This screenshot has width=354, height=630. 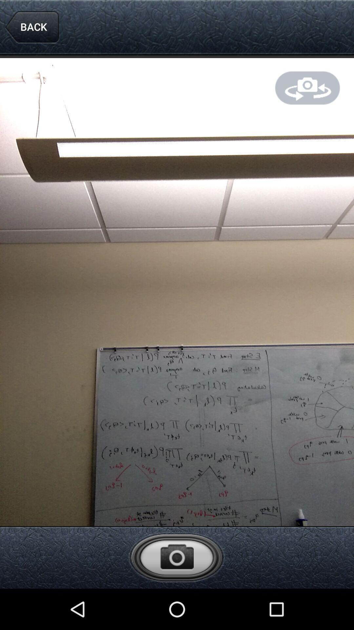 What do you see at coordinates (176, 557) in the screenshot?
I see `click camera option` at bounding box center [176, 557].